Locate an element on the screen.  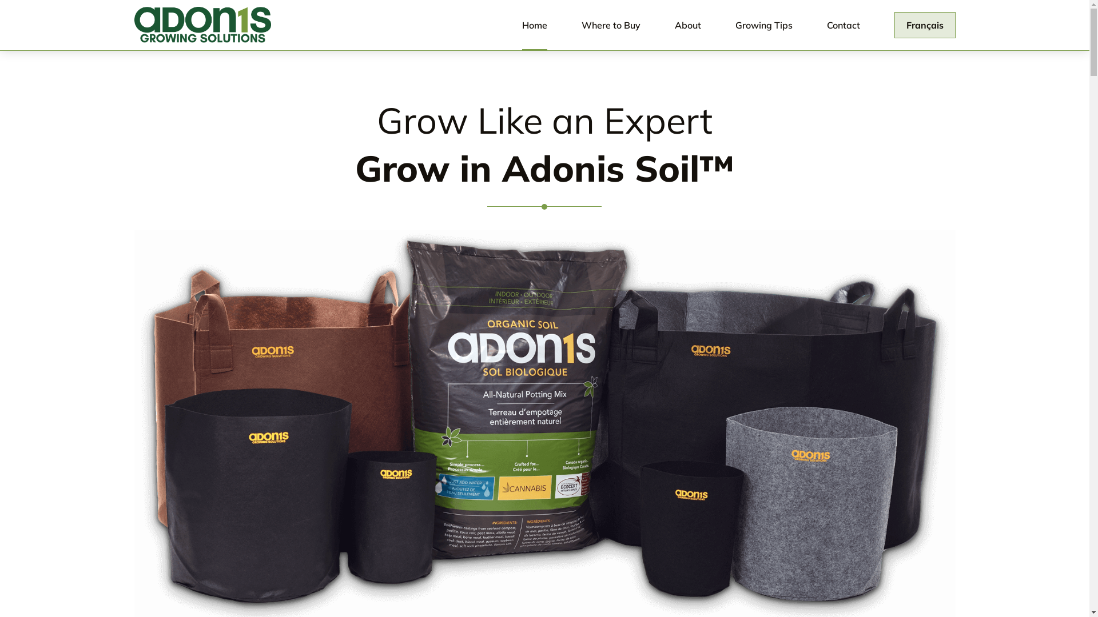
'Growing Tips' is located at coordinates (763, 25).